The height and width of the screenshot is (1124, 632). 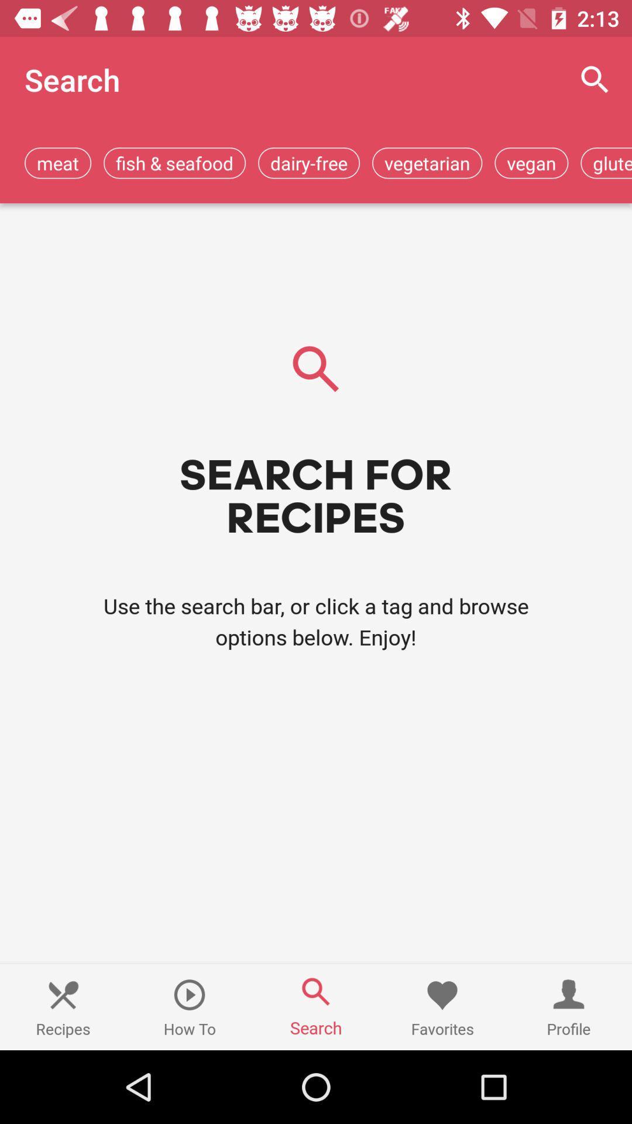 What do you see at coordinates (531, 162) in the screenshot?
I see `item above search for recipes icon` at bounding box center [531, 162].